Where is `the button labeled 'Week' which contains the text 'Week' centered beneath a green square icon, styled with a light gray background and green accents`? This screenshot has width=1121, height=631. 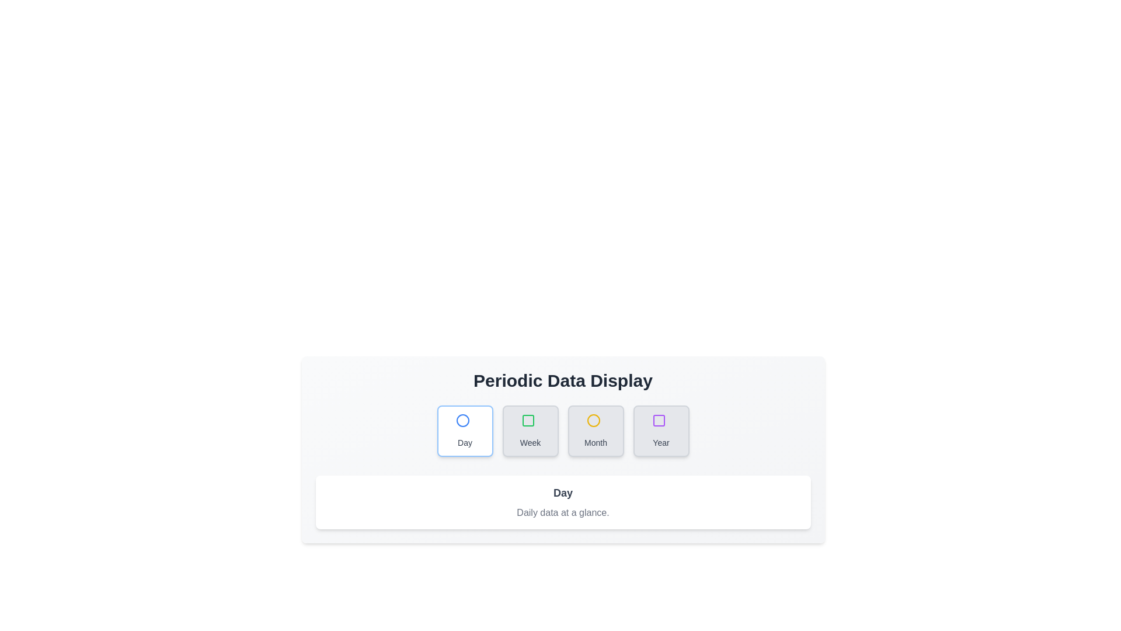 the button labeled 'Week' which contains the text 'Week' centered beneath a green square icon, styled with a light gray background and green accents is located at coordinates (530, 443).